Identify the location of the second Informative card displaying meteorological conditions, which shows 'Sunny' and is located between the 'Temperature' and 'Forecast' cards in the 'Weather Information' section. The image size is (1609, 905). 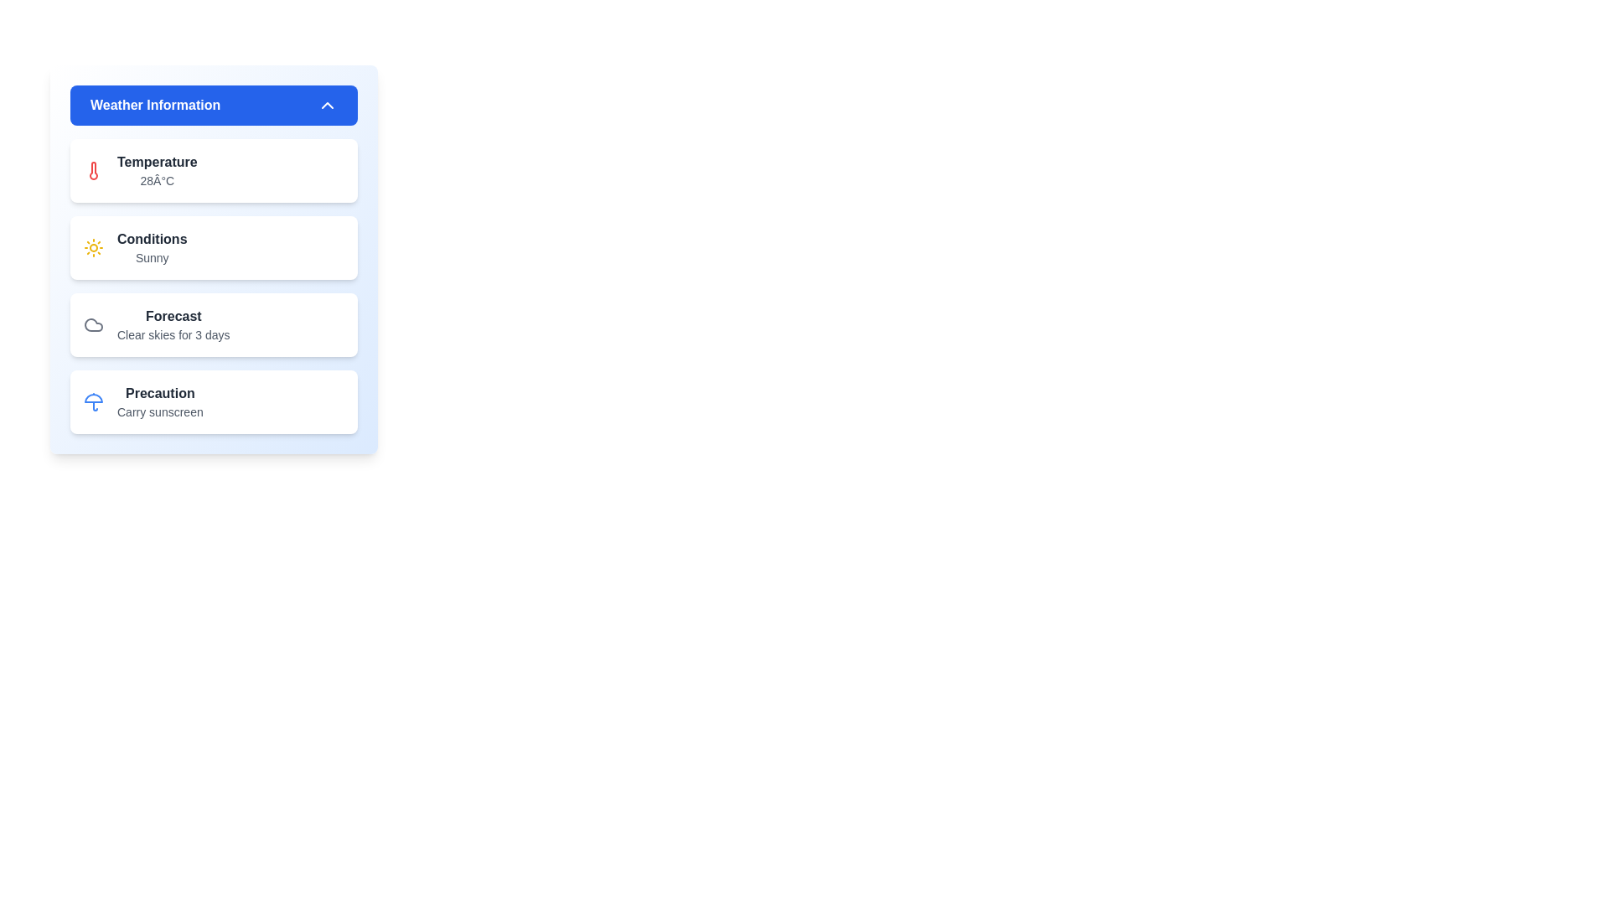
(213, 259).